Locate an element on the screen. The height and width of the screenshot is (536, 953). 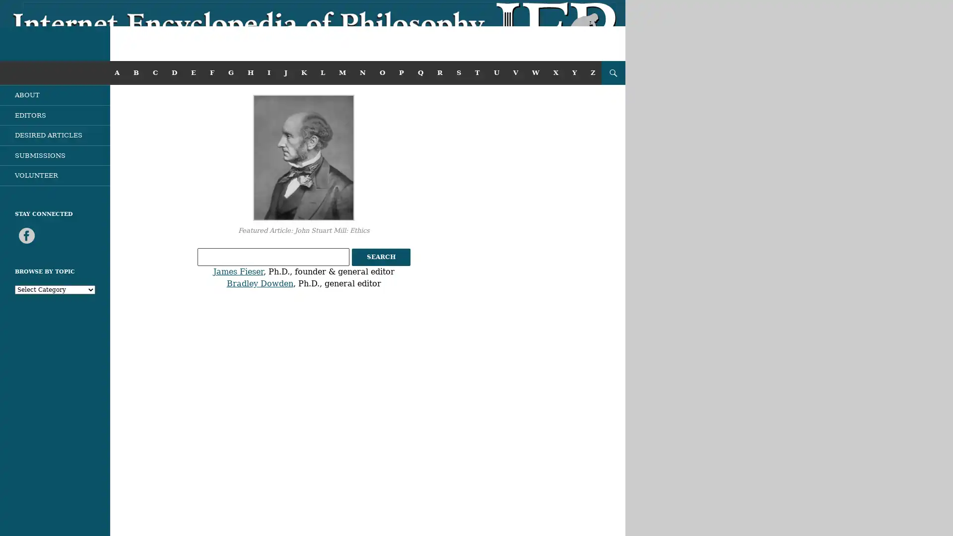
Search is located at coordinates (380, 257).